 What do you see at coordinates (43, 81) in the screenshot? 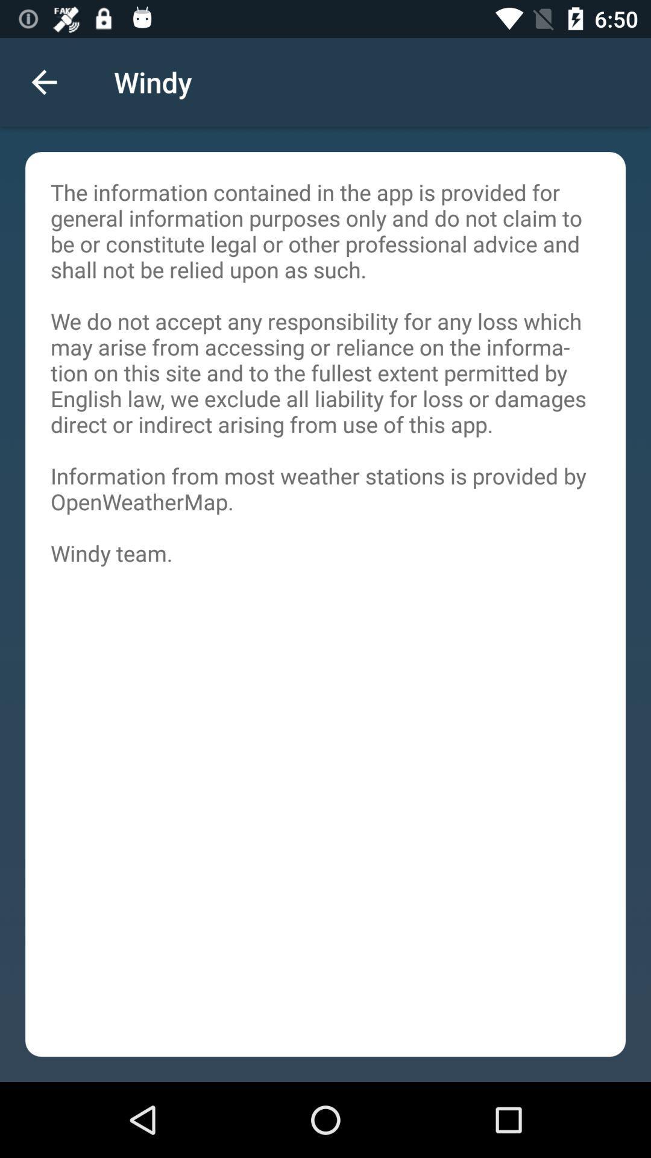
I see `icon next to windy icon` at bounding box center [43, 81].